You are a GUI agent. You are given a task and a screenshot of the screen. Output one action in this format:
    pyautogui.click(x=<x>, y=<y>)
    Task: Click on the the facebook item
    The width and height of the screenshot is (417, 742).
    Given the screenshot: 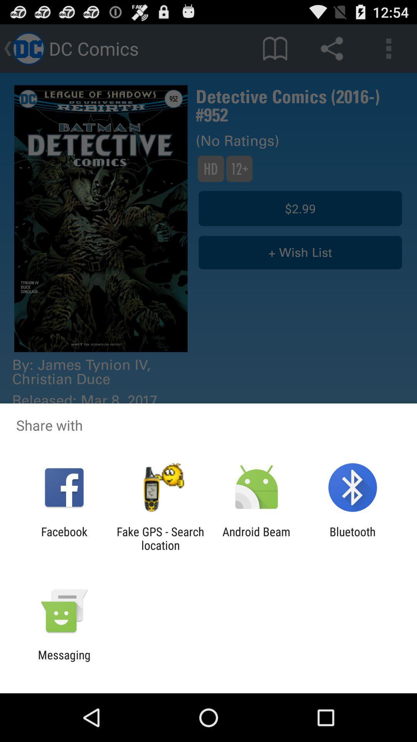 What is the action you would take?
    pyautogui.click(x=64, y=538)
    